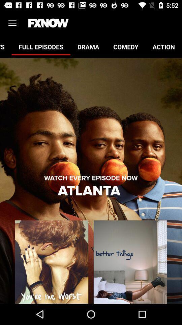 Image resolution: width=182 pixels, height=325 pixels. I want to click on icon to the left of the action, so click(126, 46).